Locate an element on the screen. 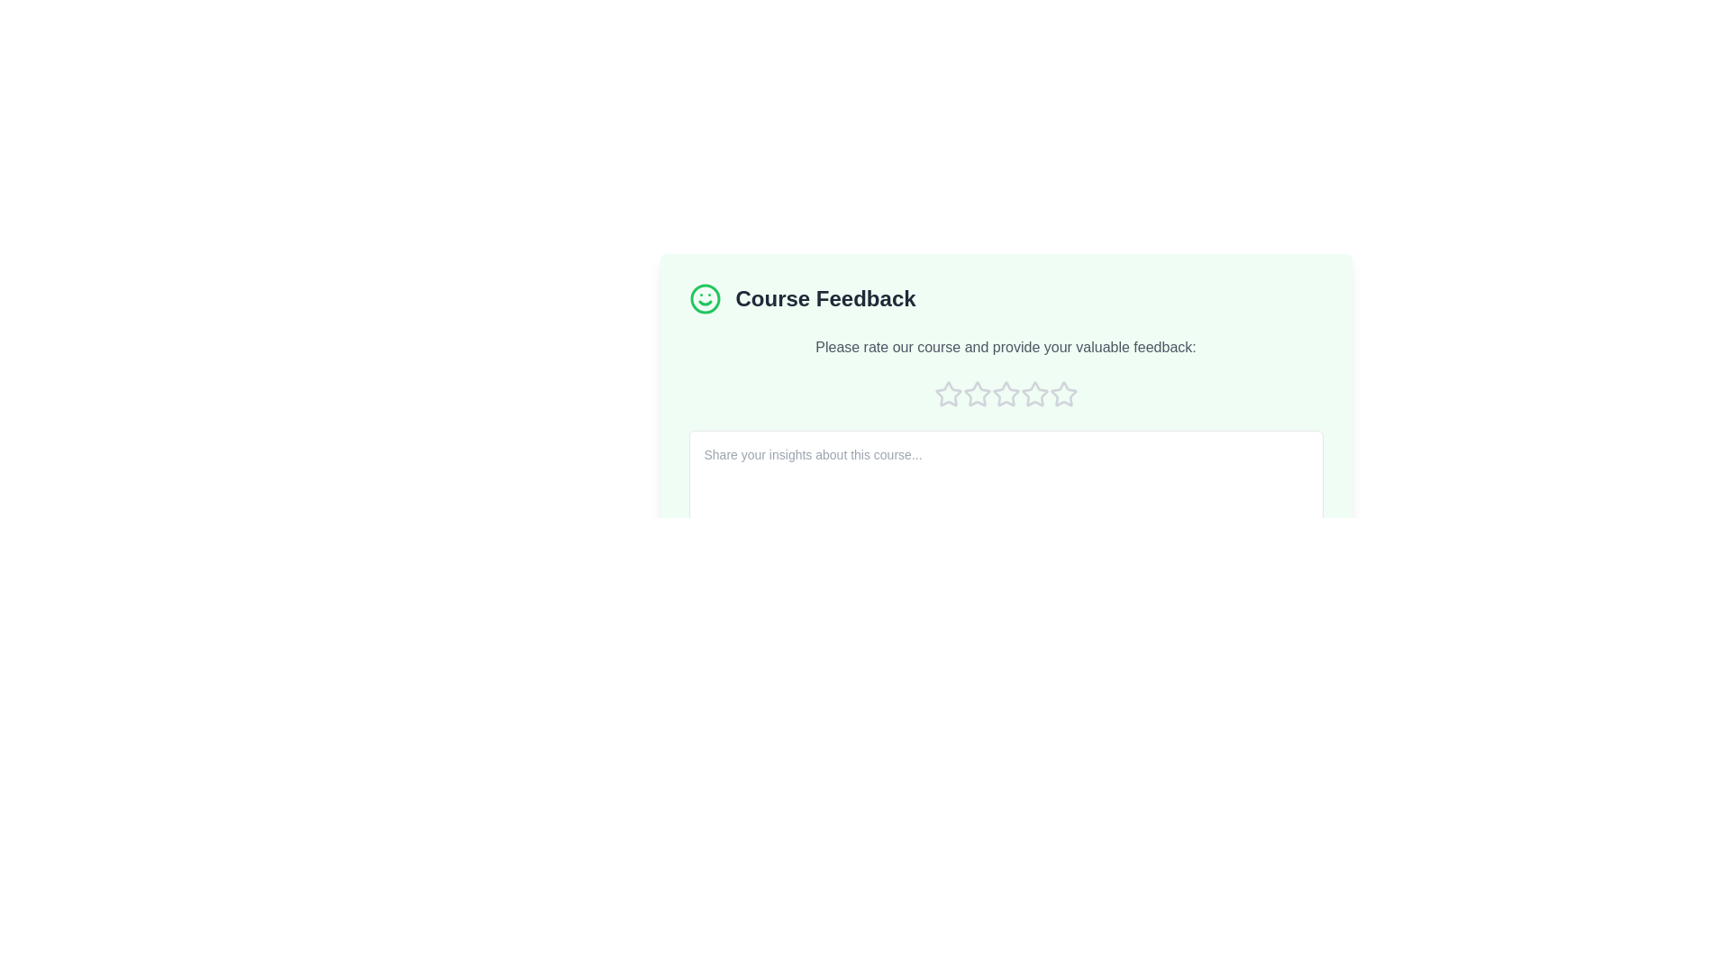 This screenshot has height=973, width=1730. the decorative icon symbolizing positive feedback located to the far left of the 'Course Feedback' header is located at coordinates (704, 297).